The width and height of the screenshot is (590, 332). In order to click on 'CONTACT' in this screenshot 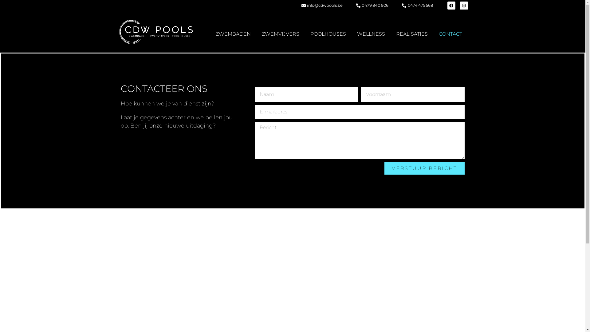, I will do `click(450, 34)`.